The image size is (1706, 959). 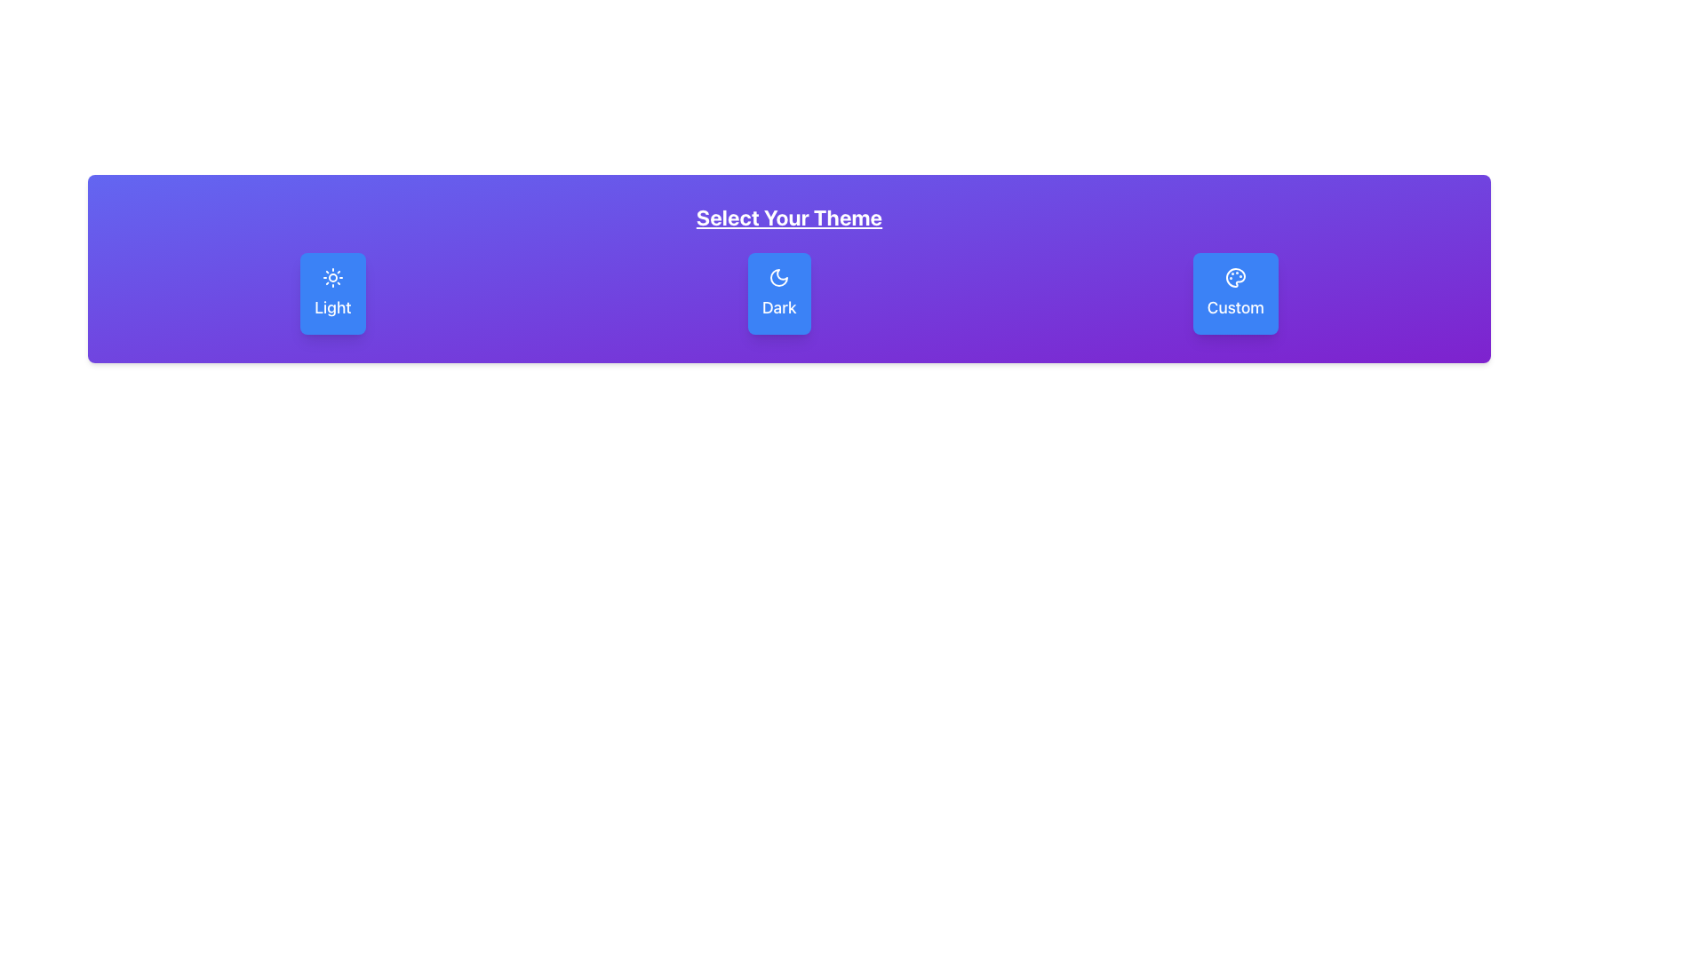 What do you see at coordinates (332, 307) in the screenshot?
I see `Label element displaying the text 'Light', which is styled in a large font size and medium weight, located centrally within the blue rounded card on the left-hand side of the themed selection bar, positioned below the sun icon` at bounding box center [332, 307].